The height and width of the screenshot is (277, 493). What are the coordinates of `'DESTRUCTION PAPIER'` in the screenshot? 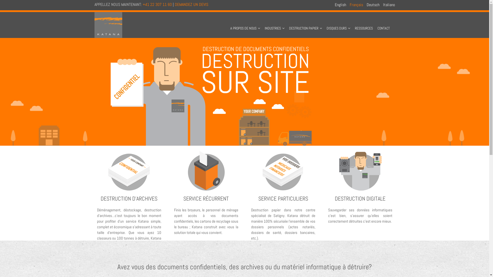 It's located at (306, 24).